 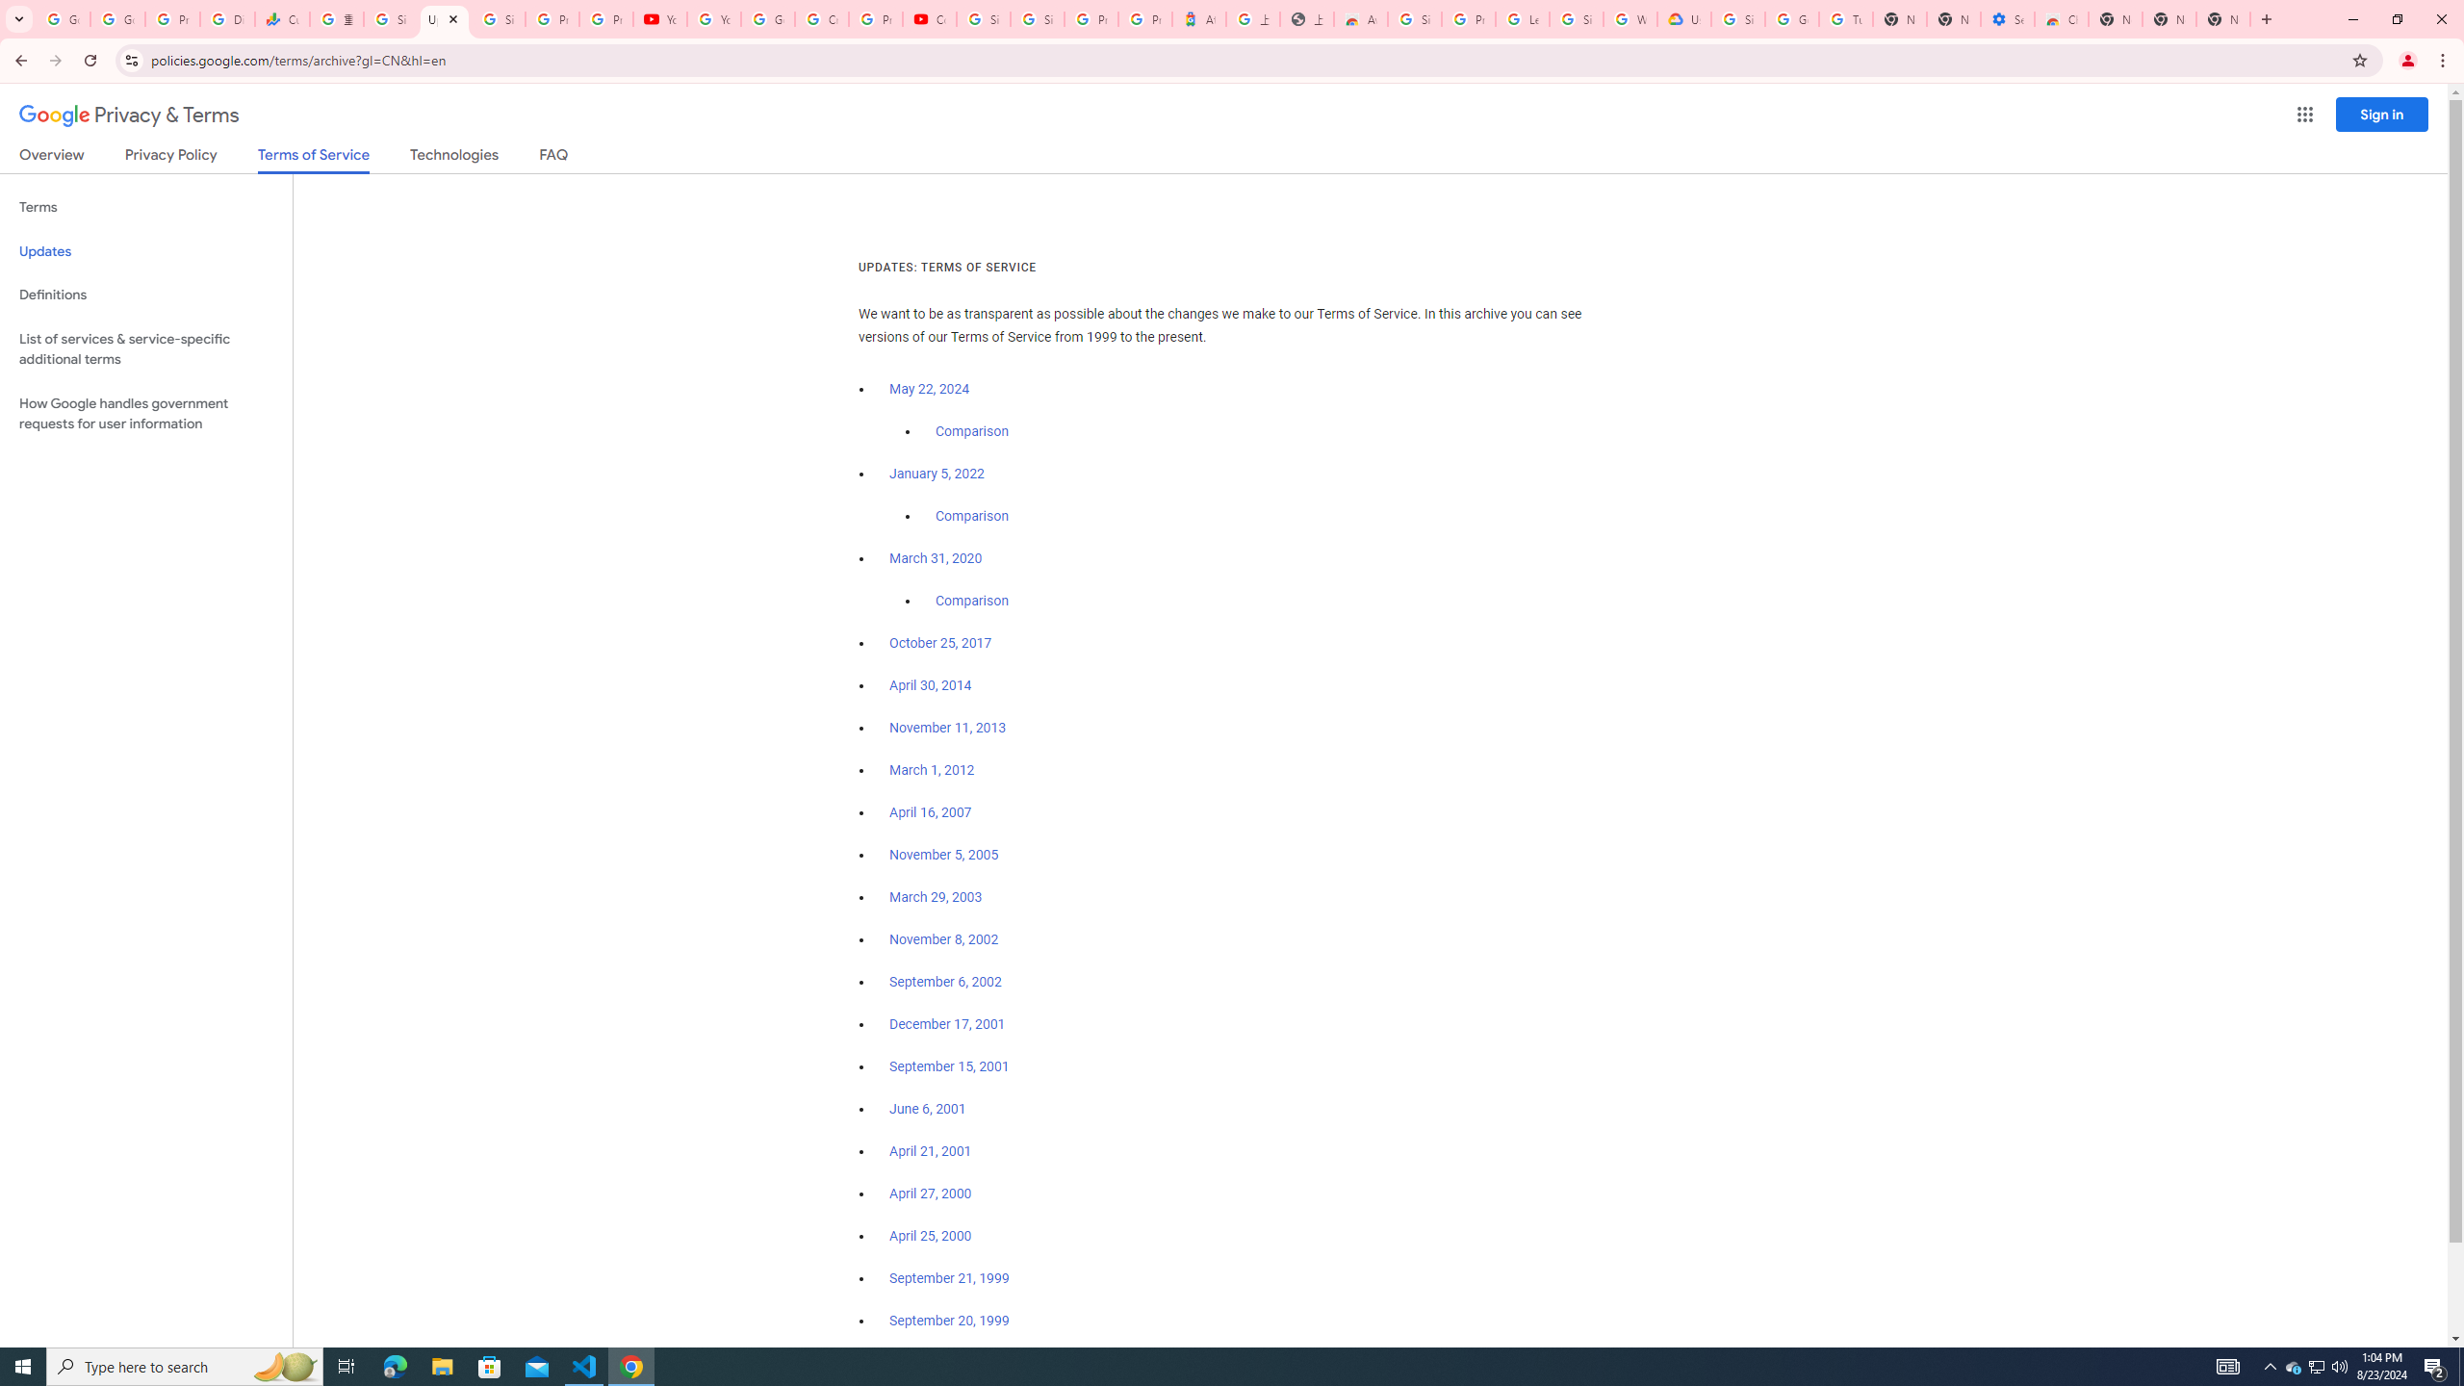 I want to click on 'Atour Hotel - Google hotels', so click(x=1197, y=18).